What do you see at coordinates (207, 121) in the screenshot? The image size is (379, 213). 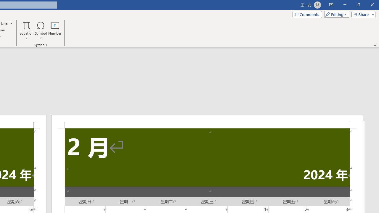 I see `'Header -Section 2-'` at bounding box center [207, 121].